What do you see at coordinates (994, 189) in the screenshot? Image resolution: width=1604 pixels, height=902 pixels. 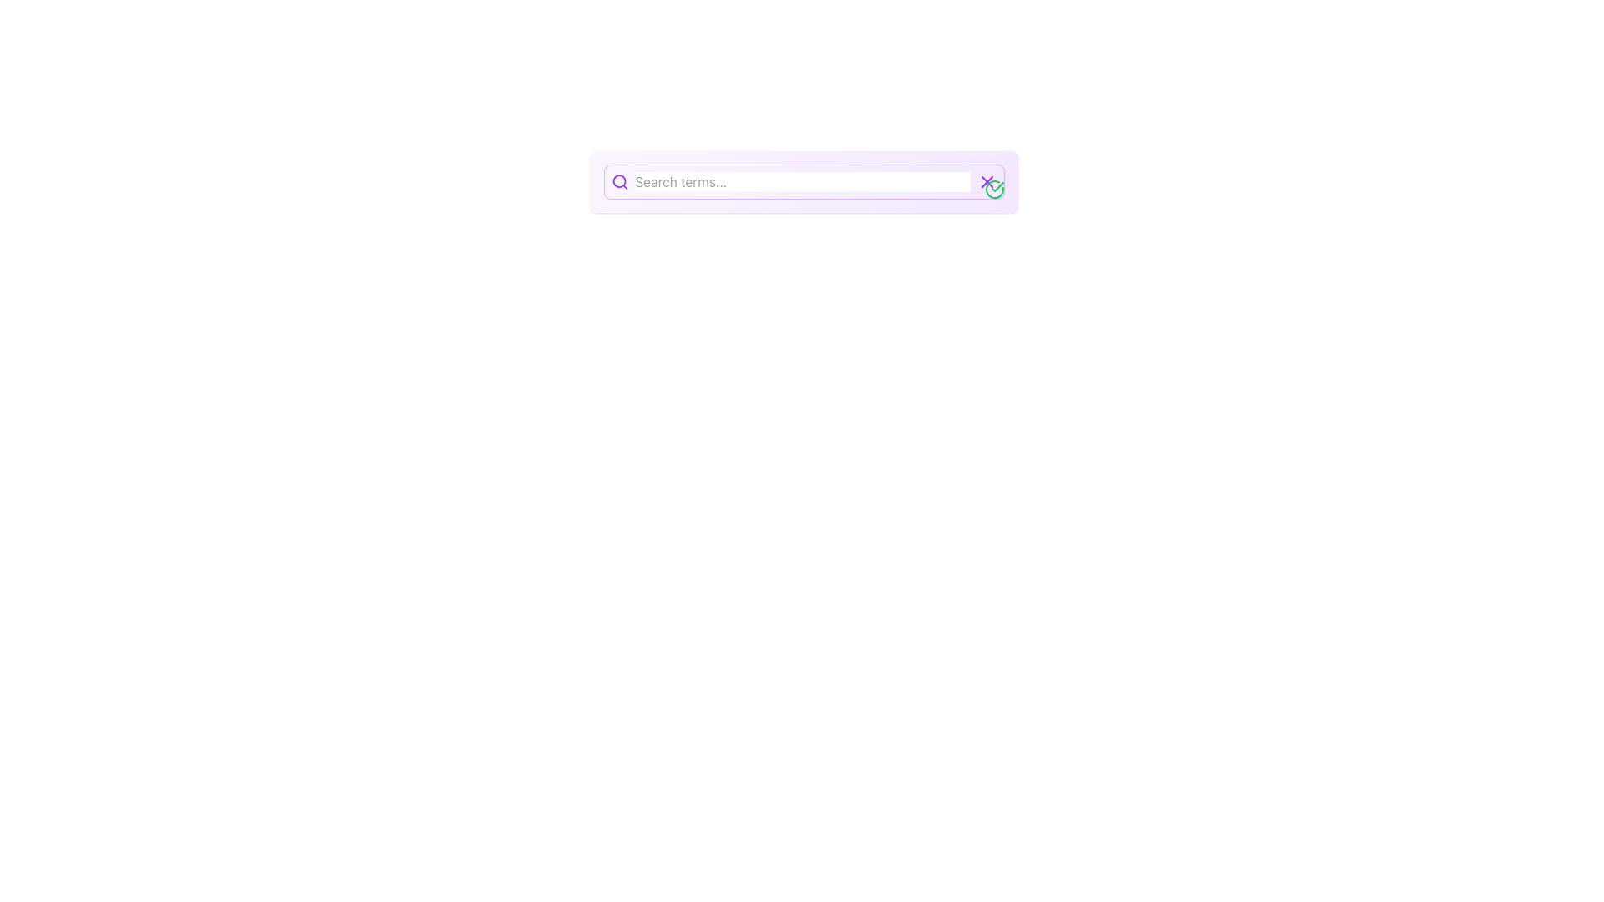 I see `the green checkmark icon encircled by a circular boundary, which indicates a positive state, located to the far right of the search bar` at bounding box center [994, 189].